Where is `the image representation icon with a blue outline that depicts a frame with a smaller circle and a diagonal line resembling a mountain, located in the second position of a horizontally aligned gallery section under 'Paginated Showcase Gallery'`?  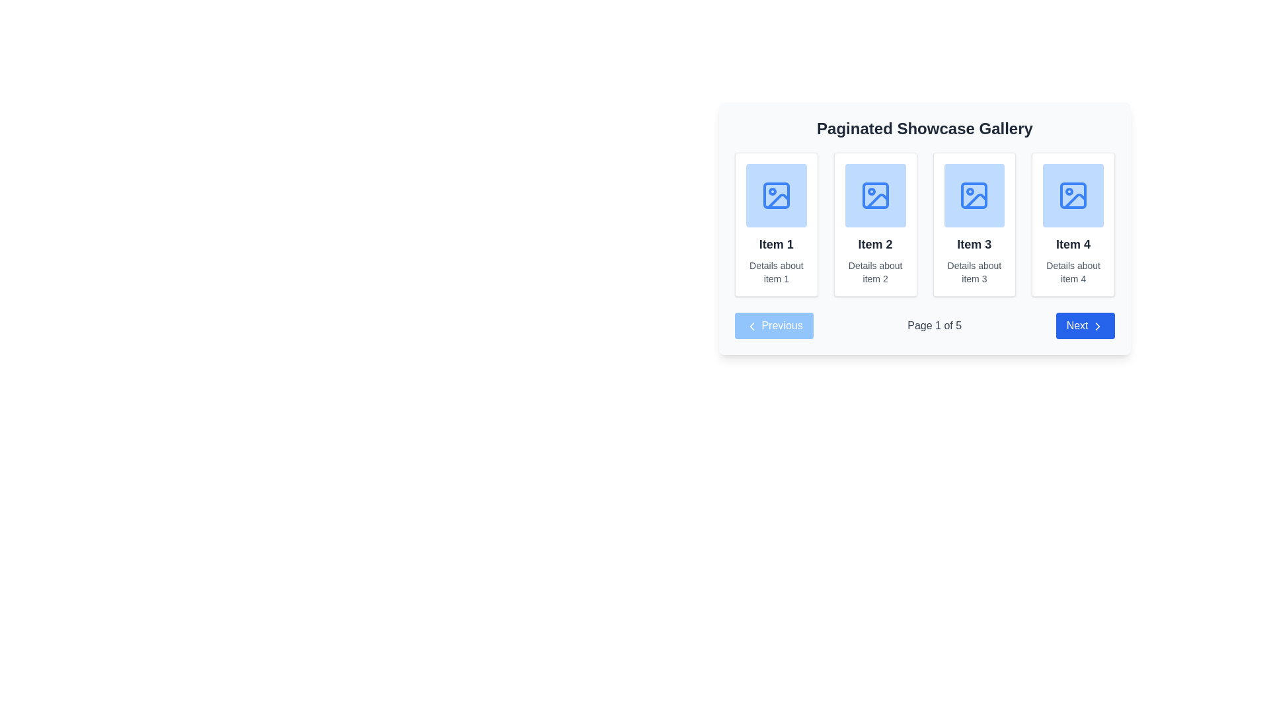
the image representation icon with a blue outline that depicts a frame with a smaller circle and a diagonal line resembling a mountain, located in the second position of a horizontally aligned gallery section under 'Paginated Showcase Gallery' is located at coordinates (875, 196).